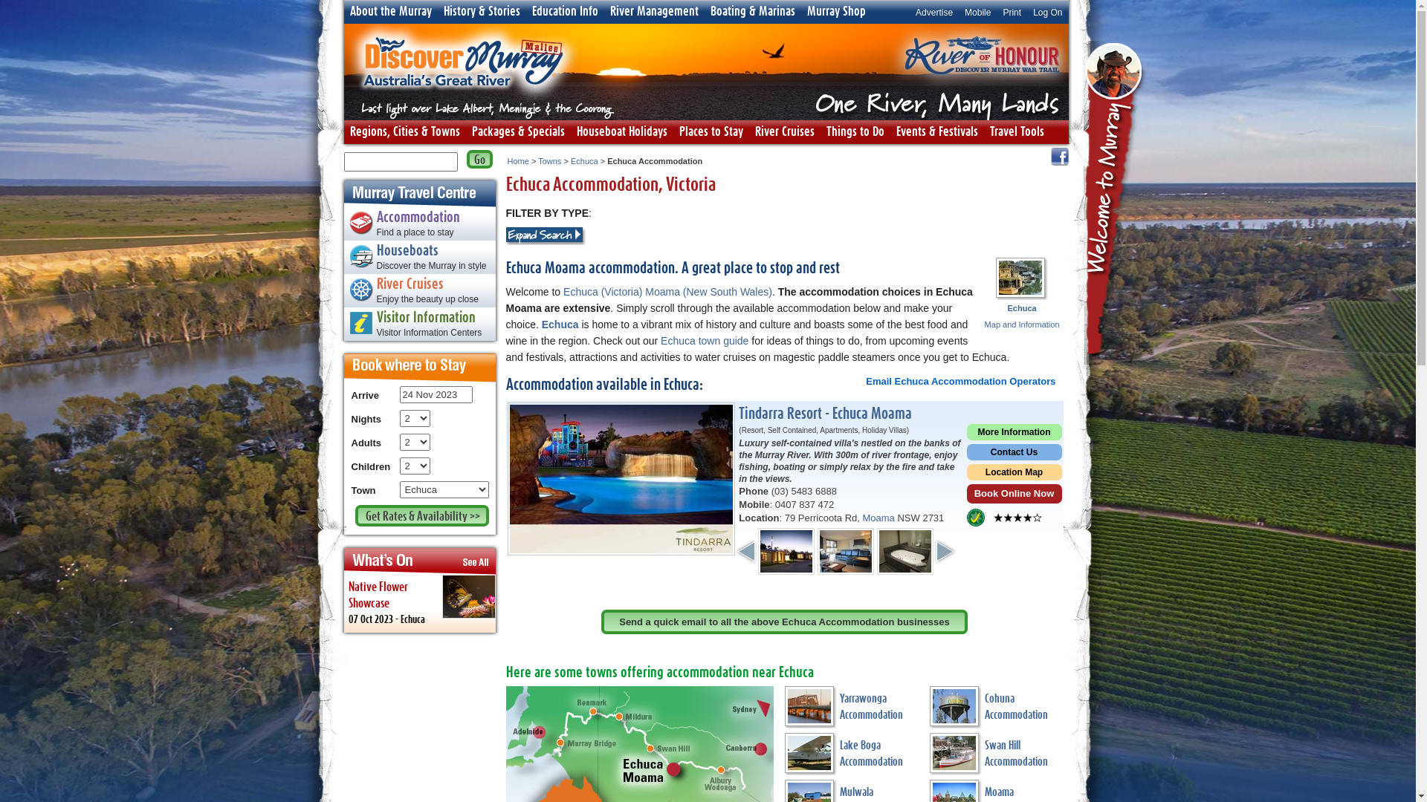 The image size is (1427, 802). Describe the element at coordinates (342, 226) in the screenshot. I see `'Accommodation` at that location.